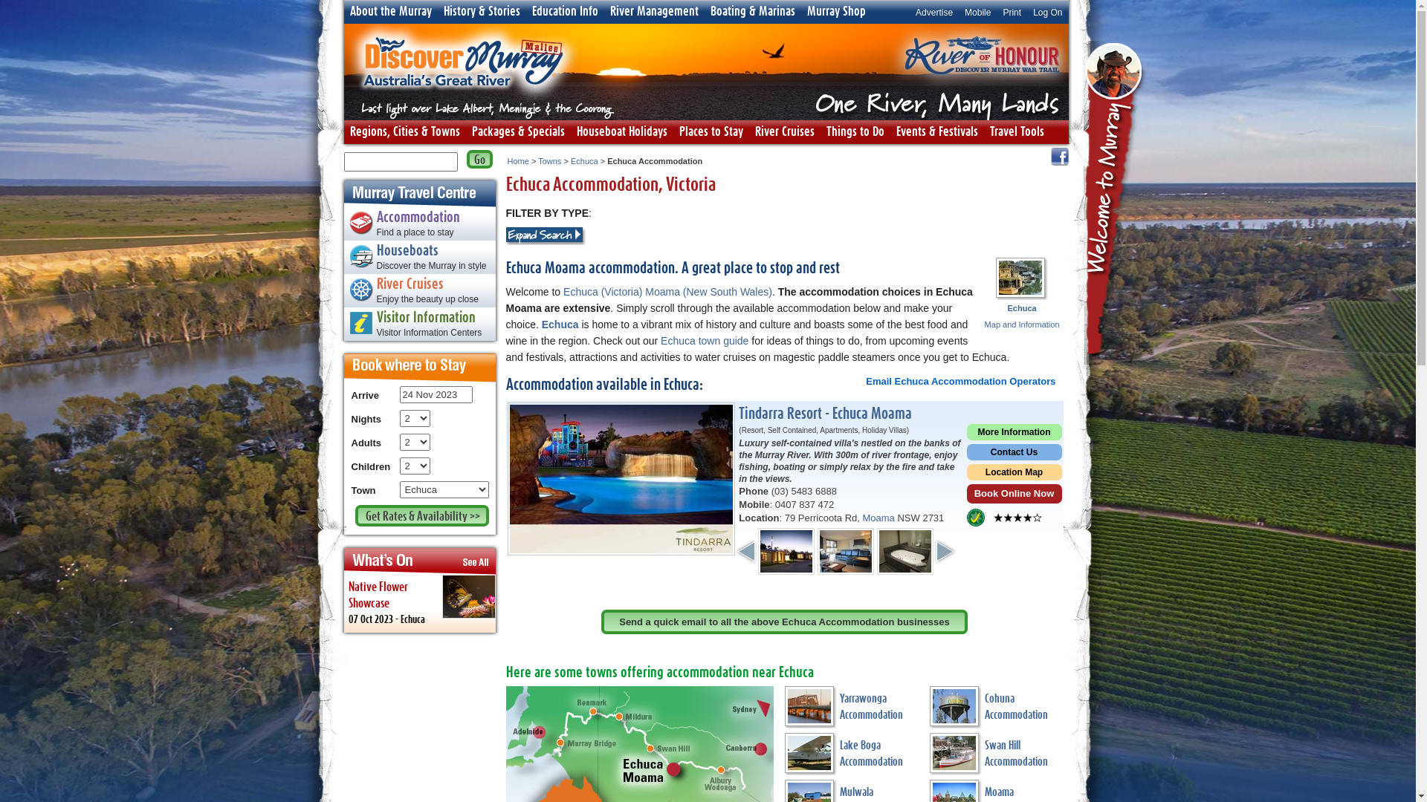 The image size is (1427, 802). Describe the element at coordinates (342, 226) in the screenshot. I see `'Accommodation` at that location.